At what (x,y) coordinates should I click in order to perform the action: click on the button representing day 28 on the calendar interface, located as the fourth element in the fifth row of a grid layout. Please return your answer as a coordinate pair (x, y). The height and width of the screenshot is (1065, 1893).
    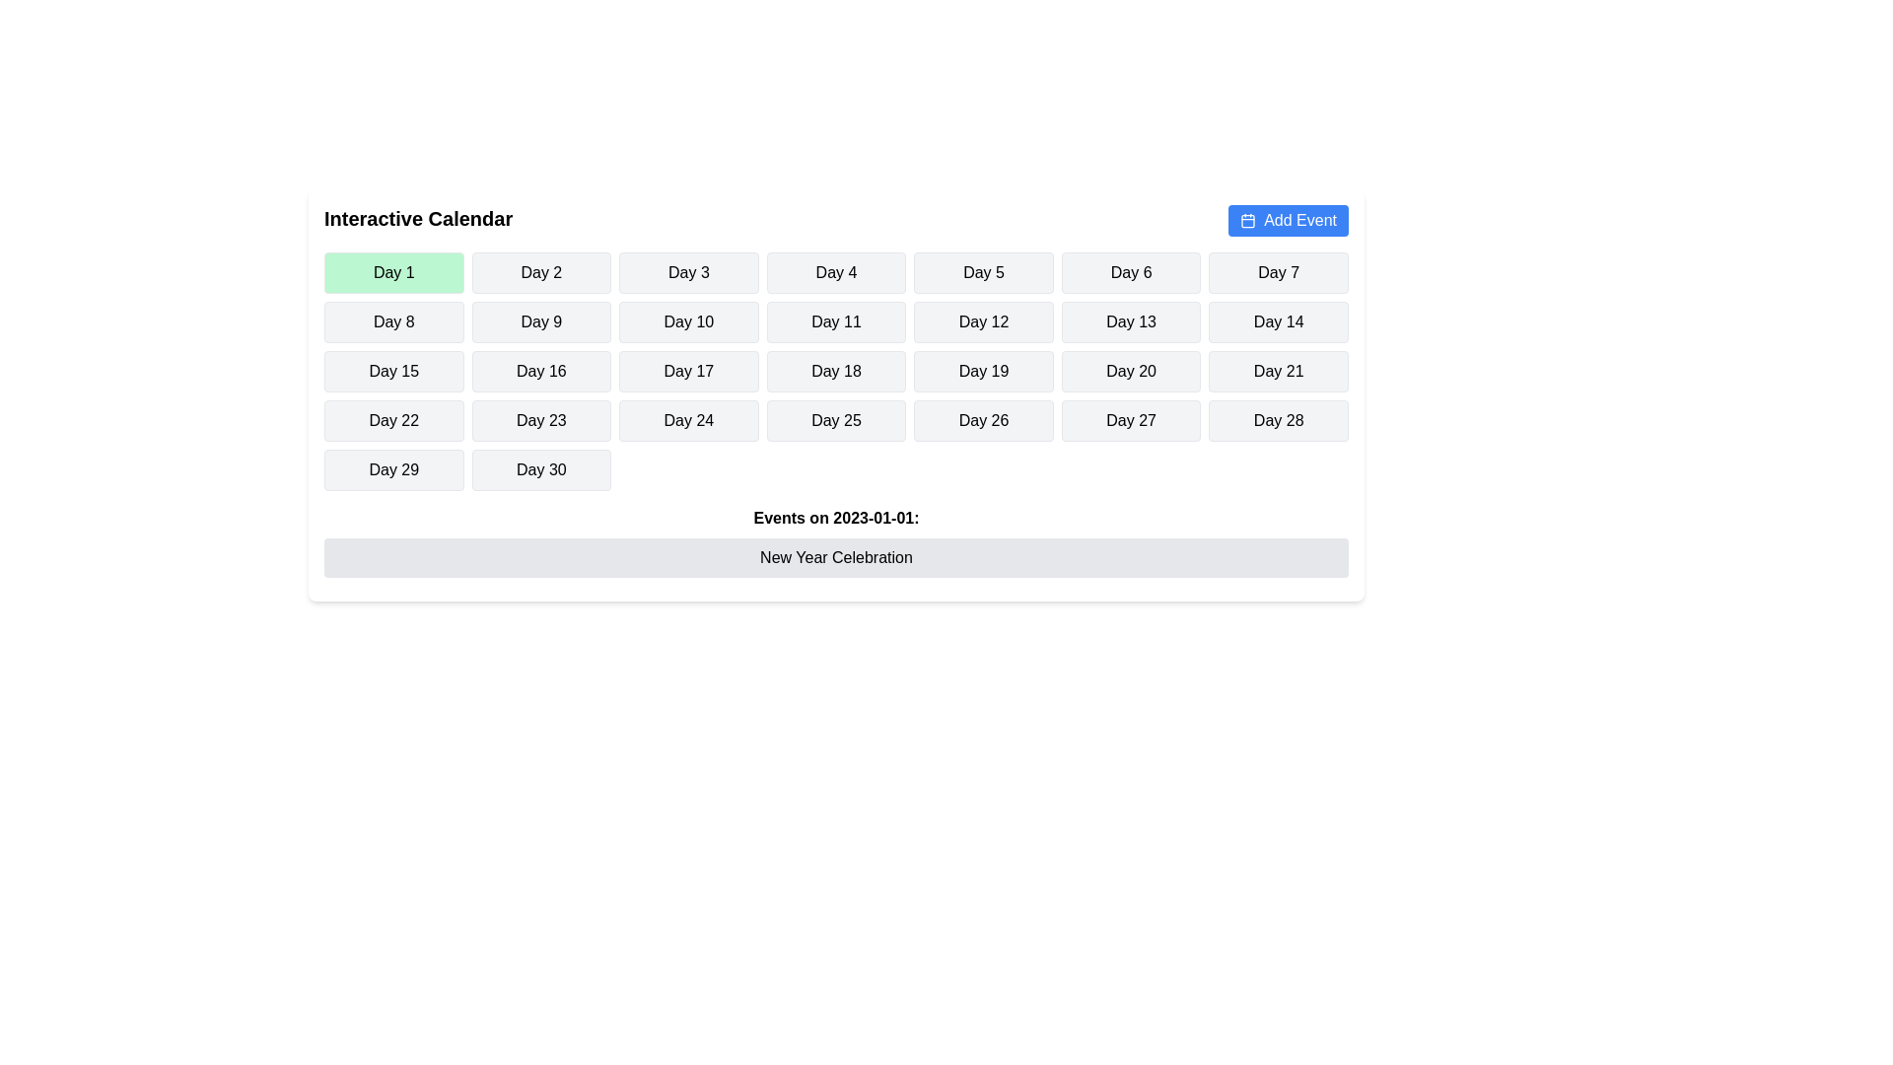
    Looking at the image, I should click on (1279, 420).